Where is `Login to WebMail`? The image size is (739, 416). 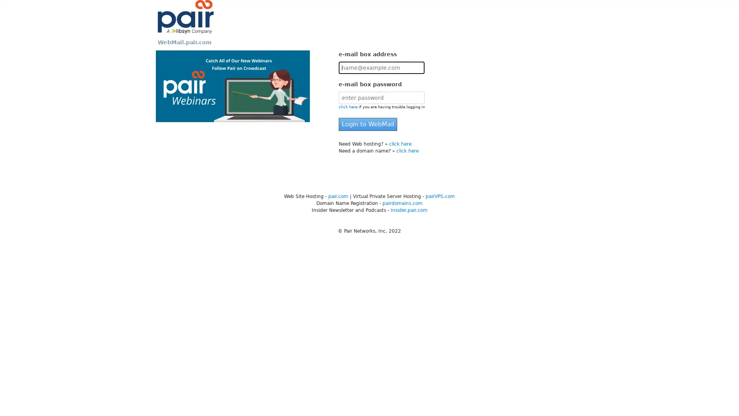 Login to WebMail is located at coordinates (367, 124).